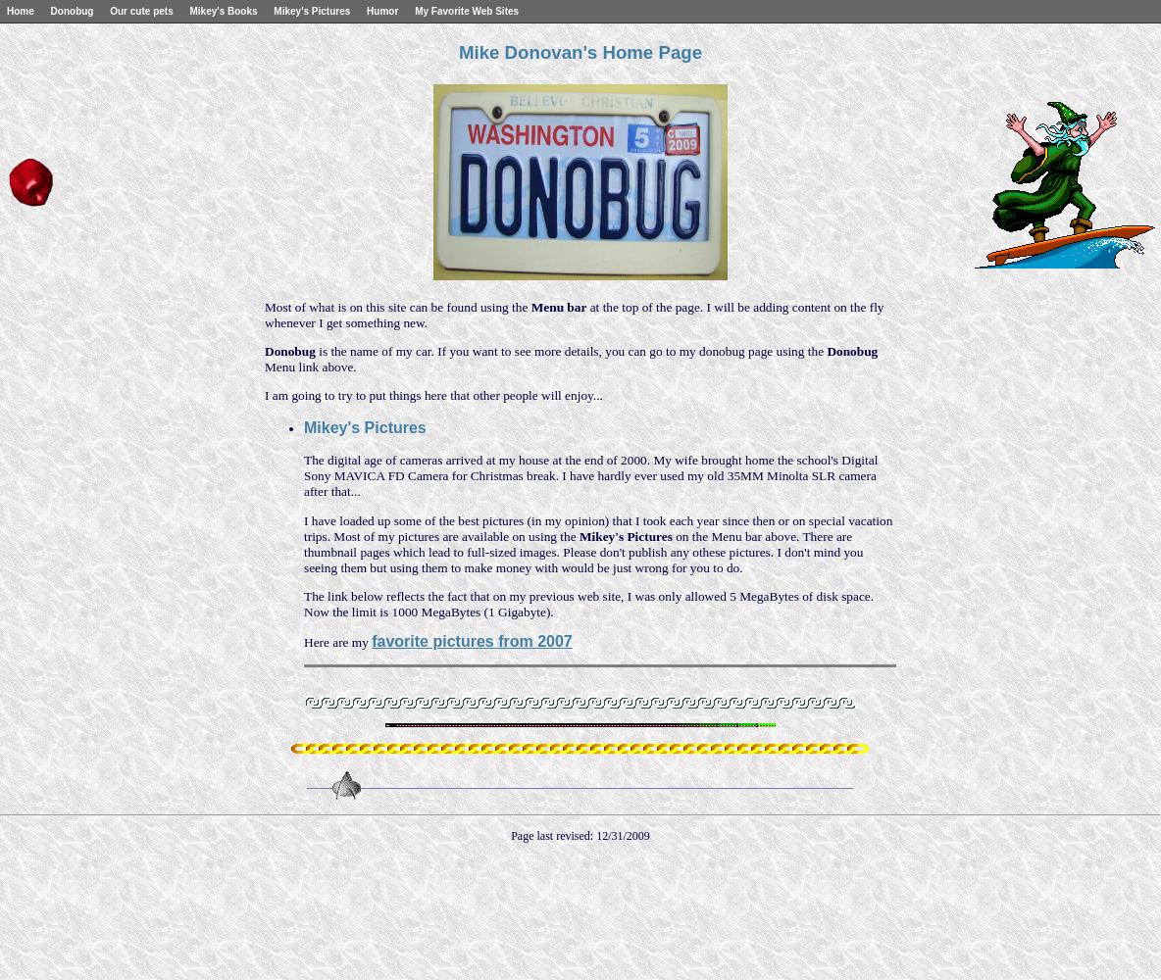 Image resolution: width=1161 pixels, height=980 pixels. What do you see at coordinates (64, 26) in the screenshot?
I see `'Donobug Picture Index'` at bounding box center [64, 26].